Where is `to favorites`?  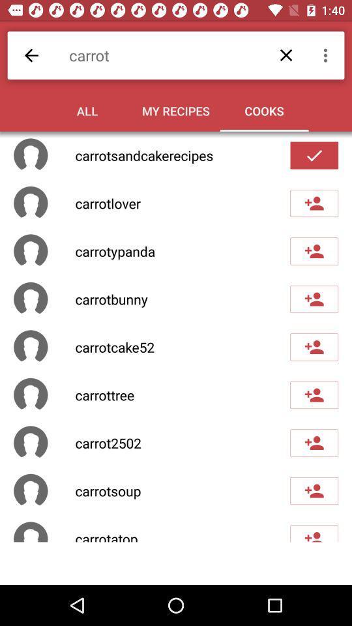
to favorites is located at coordinates (314, 155).